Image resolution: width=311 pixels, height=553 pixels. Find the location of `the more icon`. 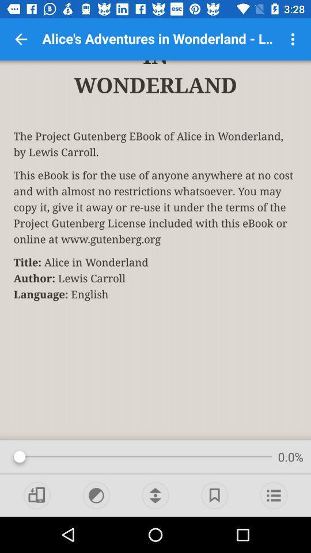

the more icon is located at coordinates (293, 39).